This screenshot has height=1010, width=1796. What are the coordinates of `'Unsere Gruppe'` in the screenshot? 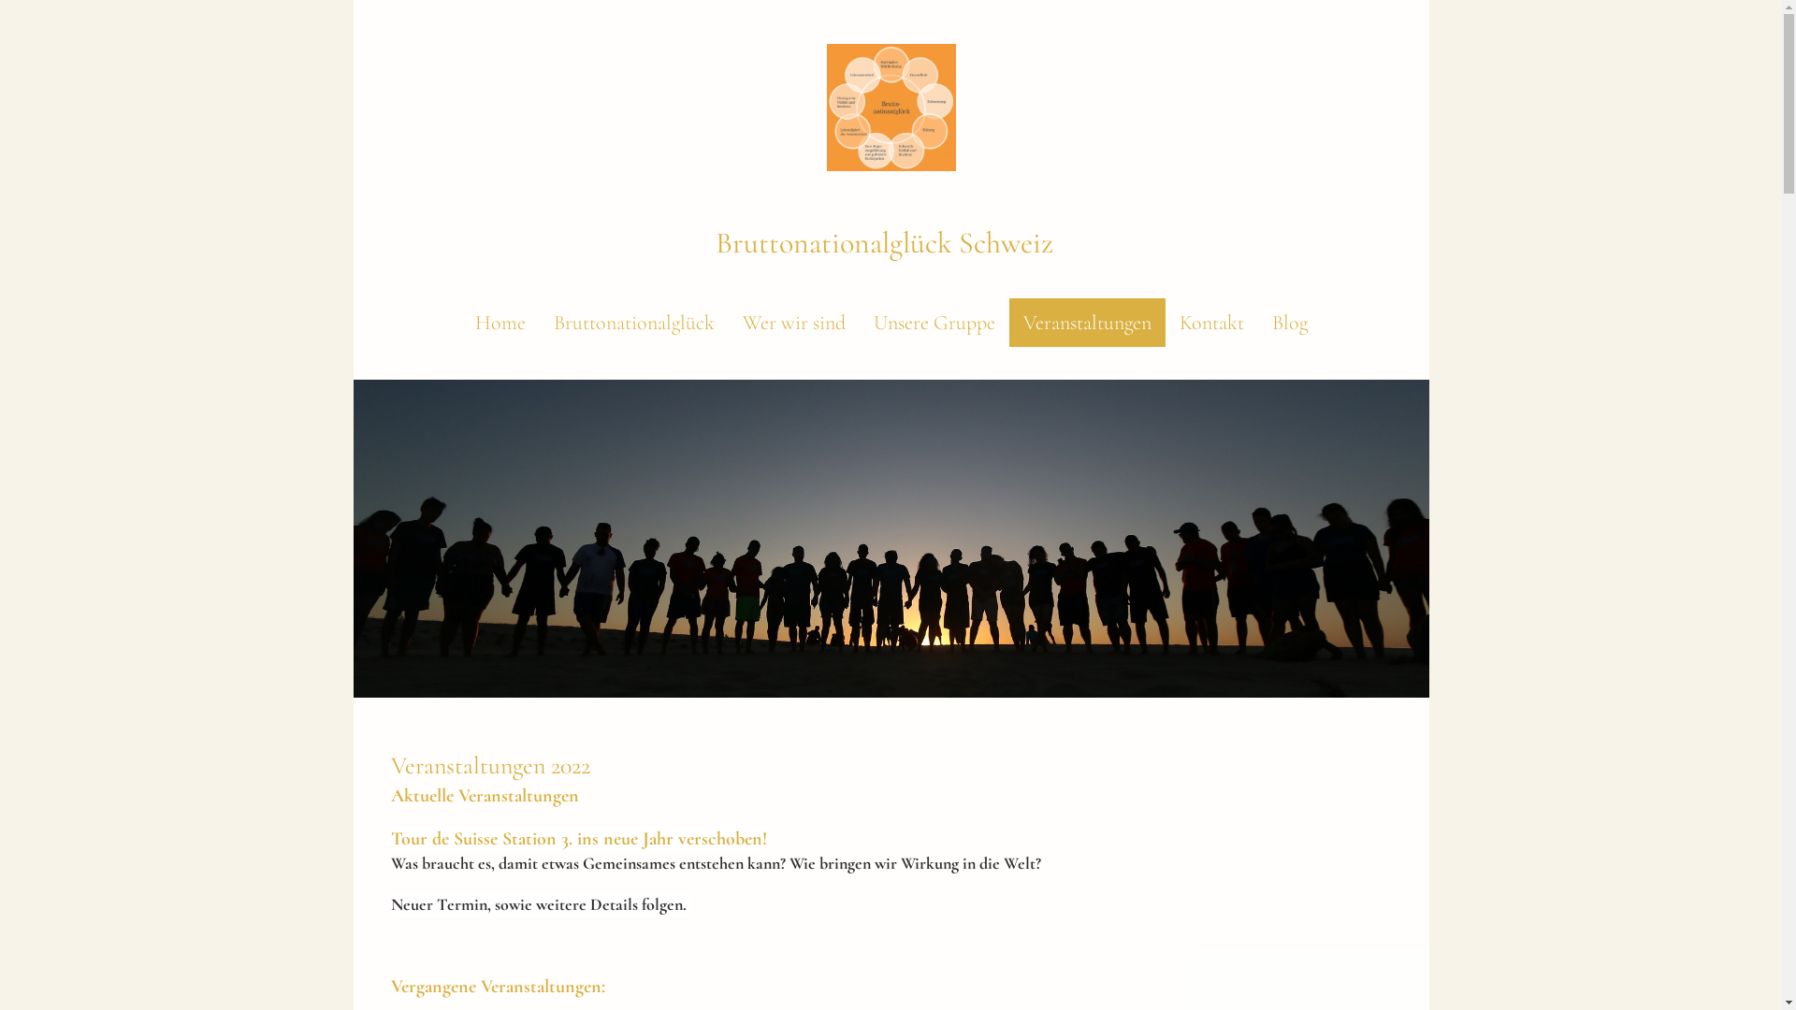 It's located at (934, 321).